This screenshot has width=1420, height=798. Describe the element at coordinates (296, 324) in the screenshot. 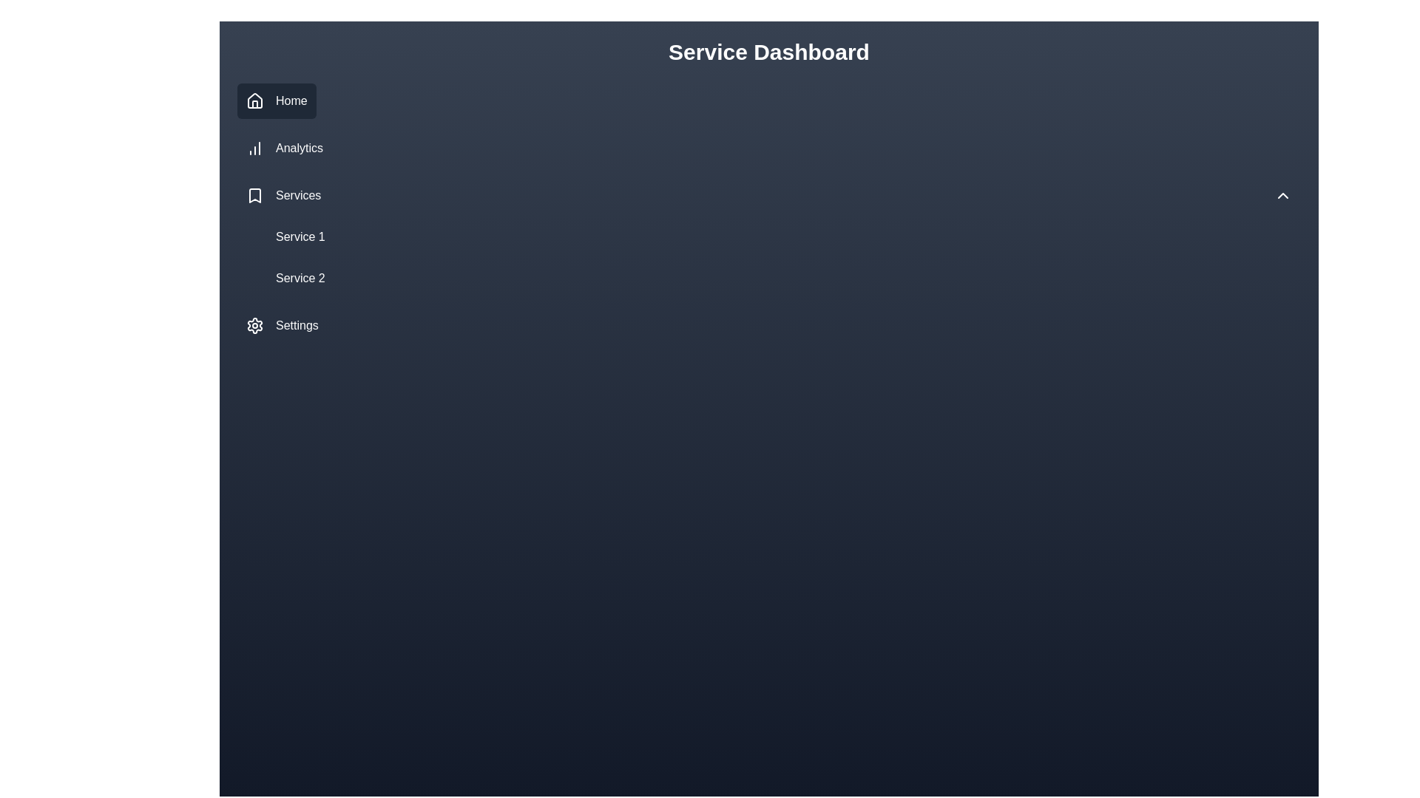

I see `the 'Settings' label located in the bottom section of the vertical navigation menu` at that location.